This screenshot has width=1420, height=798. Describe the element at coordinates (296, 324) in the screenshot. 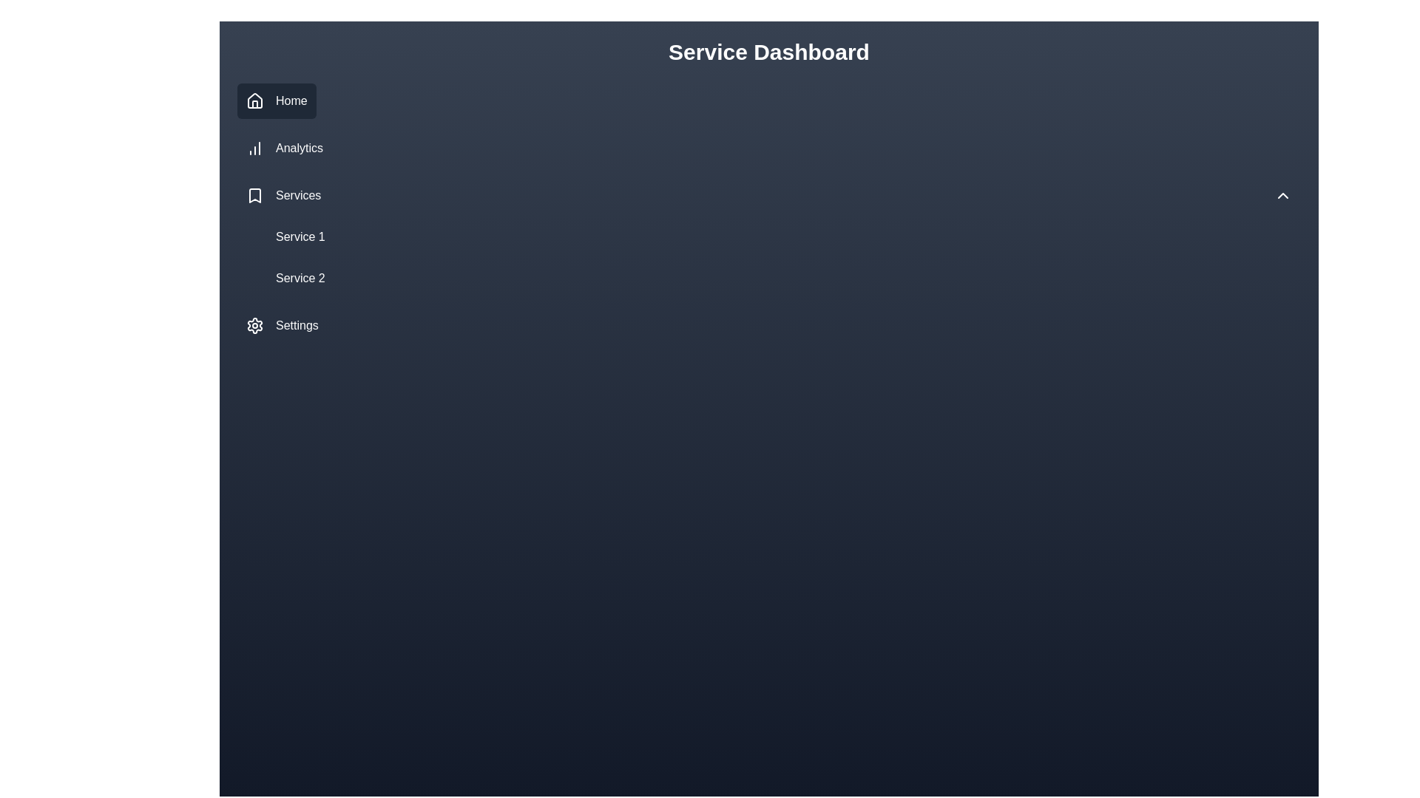

I see `the 'Settings' label located in the bottom section of the vertical navigation menu` at that location.